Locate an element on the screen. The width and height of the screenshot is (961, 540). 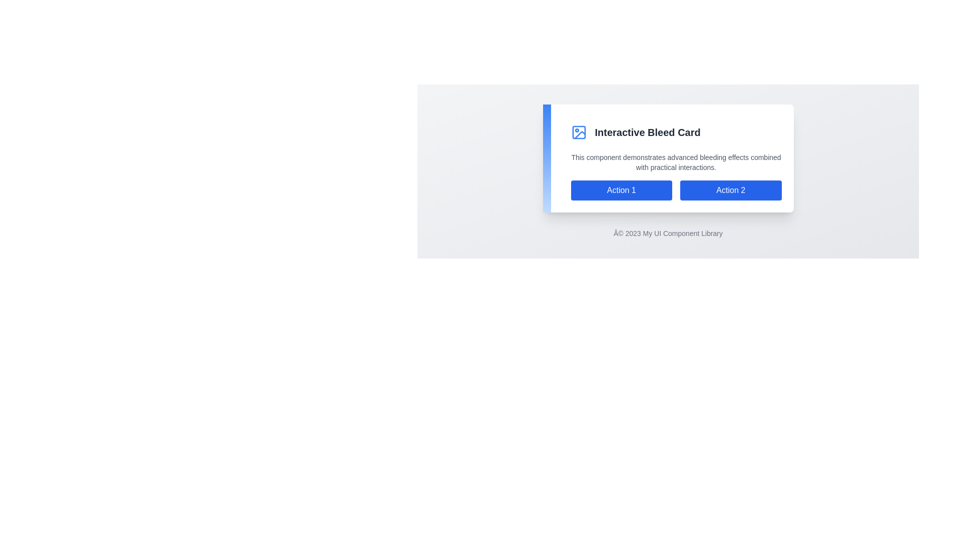
the rectangular button with a blue background and white text reading 'Action 1' is located at coordinates (621, 190).